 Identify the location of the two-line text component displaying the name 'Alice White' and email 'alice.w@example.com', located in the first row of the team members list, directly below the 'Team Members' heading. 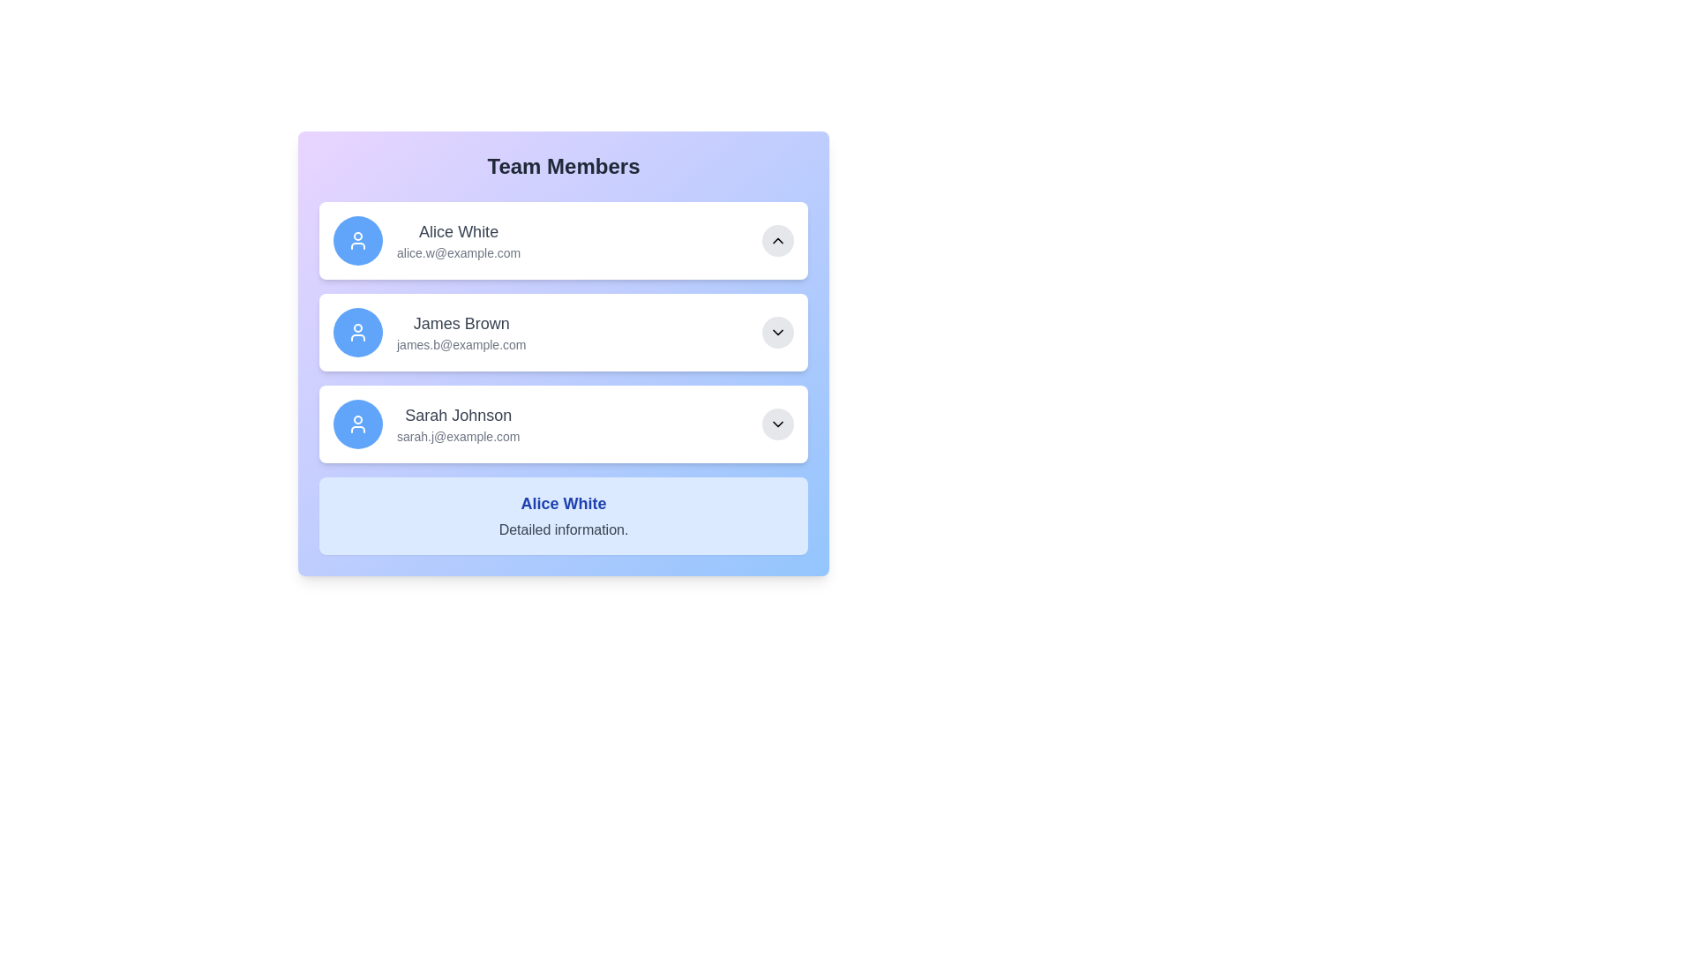
(459, 241).